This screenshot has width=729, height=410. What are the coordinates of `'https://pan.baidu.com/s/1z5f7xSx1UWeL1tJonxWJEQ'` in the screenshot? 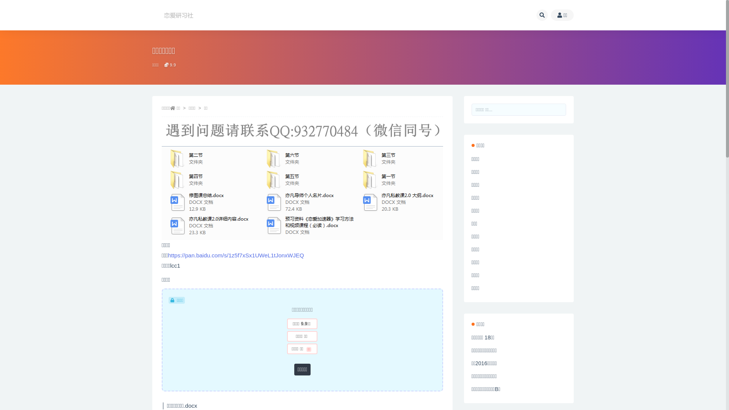 It's located at (235, 255).